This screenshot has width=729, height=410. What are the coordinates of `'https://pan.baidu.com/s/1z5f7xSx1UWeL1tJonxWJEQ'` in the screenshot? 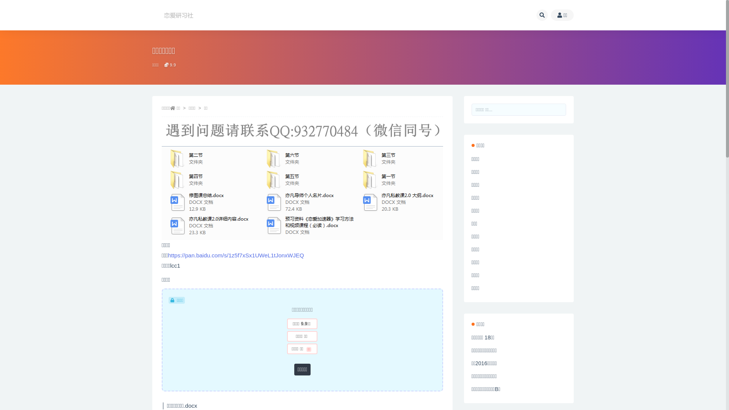 It's located at (235, 255).